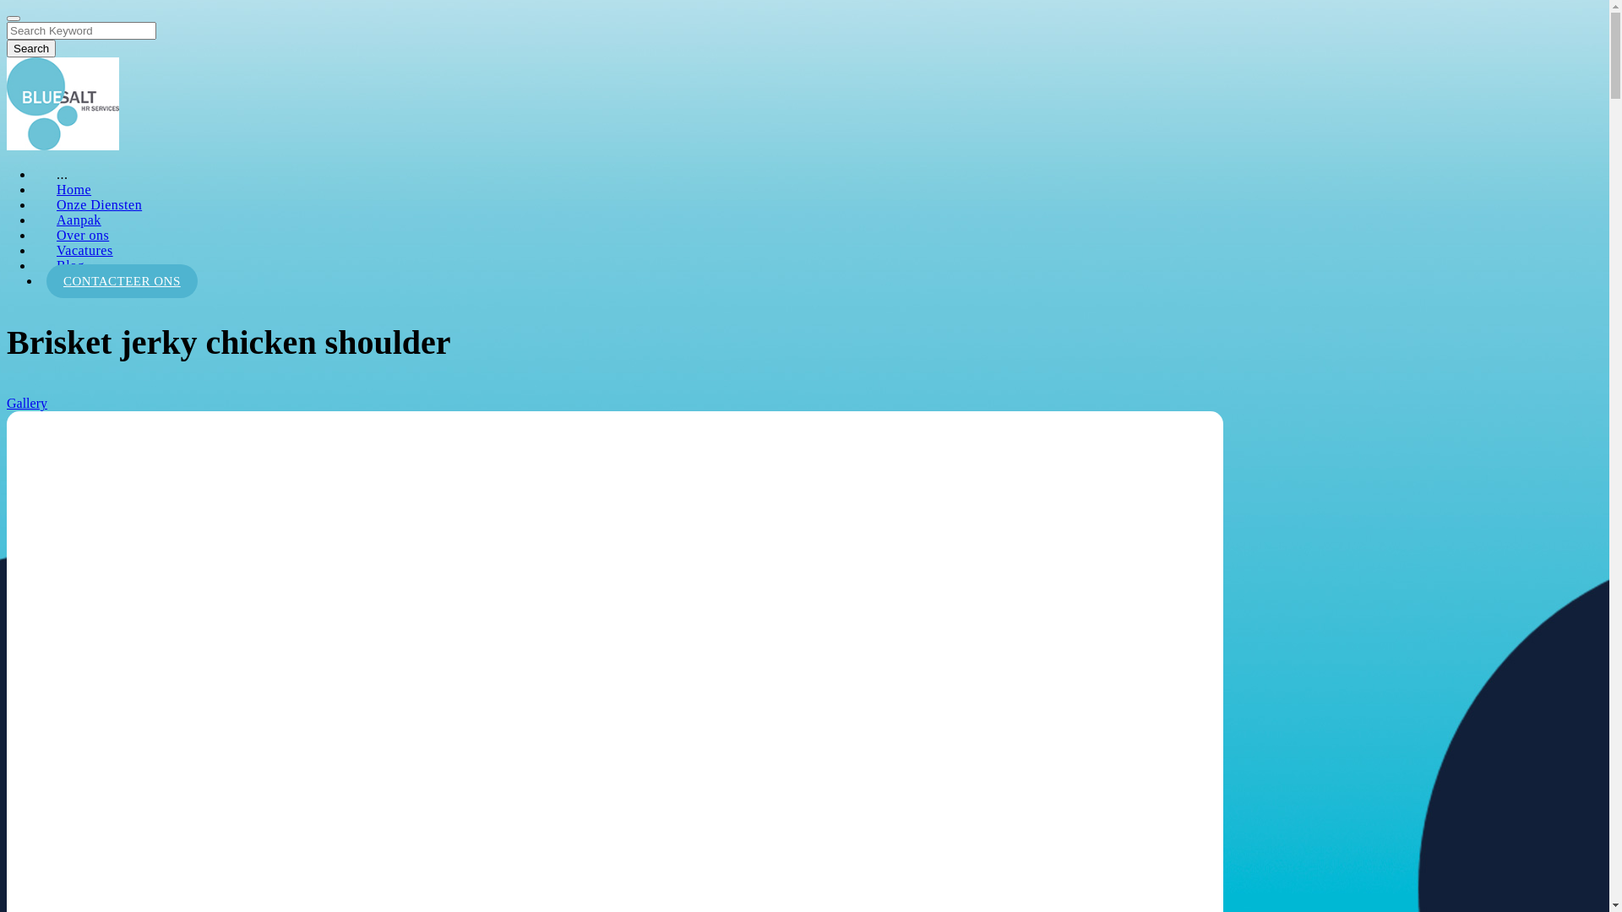  Describe the element at coordinates (81, 235) in the screenshot. I see `'Over ons'` at that location.